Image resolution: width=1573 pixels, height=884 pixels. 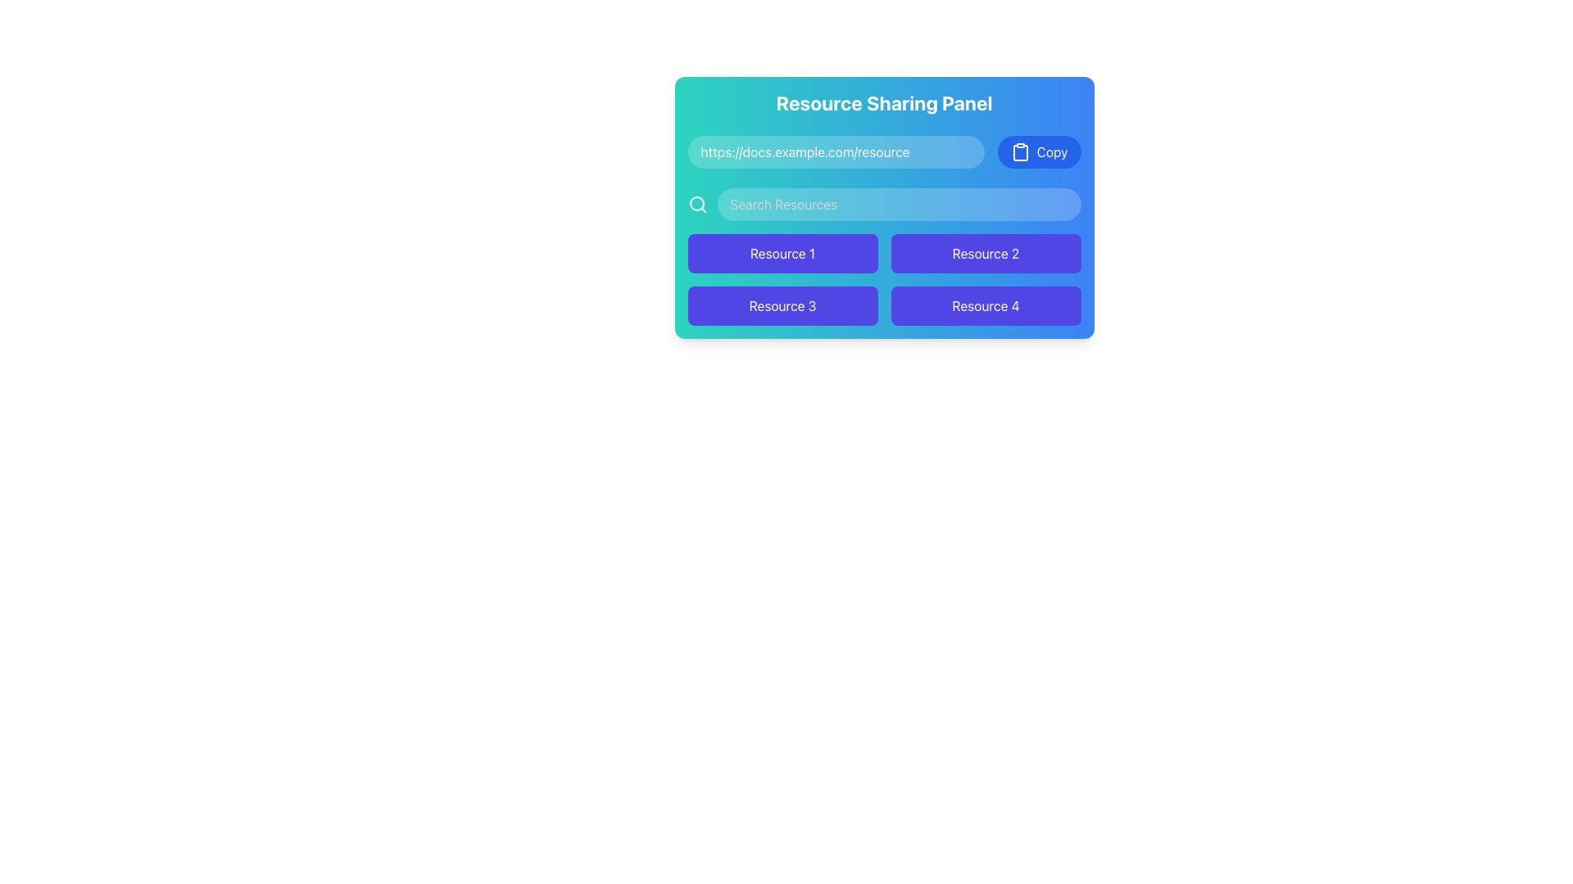 What do you see at coordinates (985, 253) in the screenshot?
I see `the rectangular purple button labeled 'Resource 2' to observe the hover effect` at bounding box center [985, 253].